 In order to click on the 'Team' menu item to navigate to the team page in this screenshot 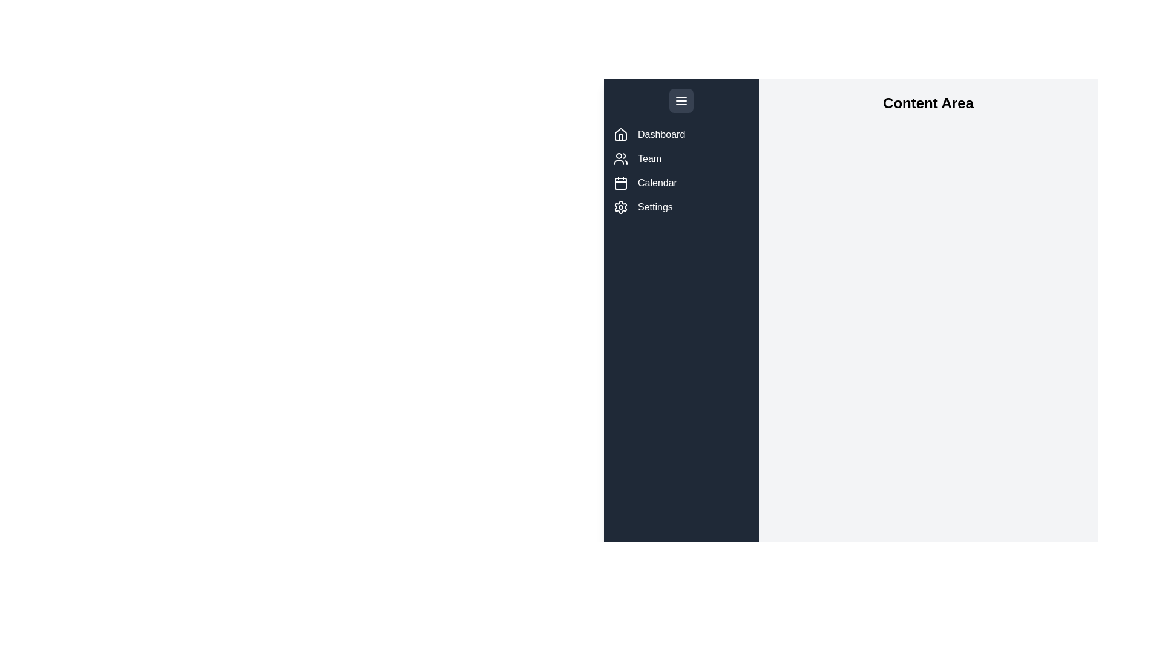, I will do `click(681, 158)`.